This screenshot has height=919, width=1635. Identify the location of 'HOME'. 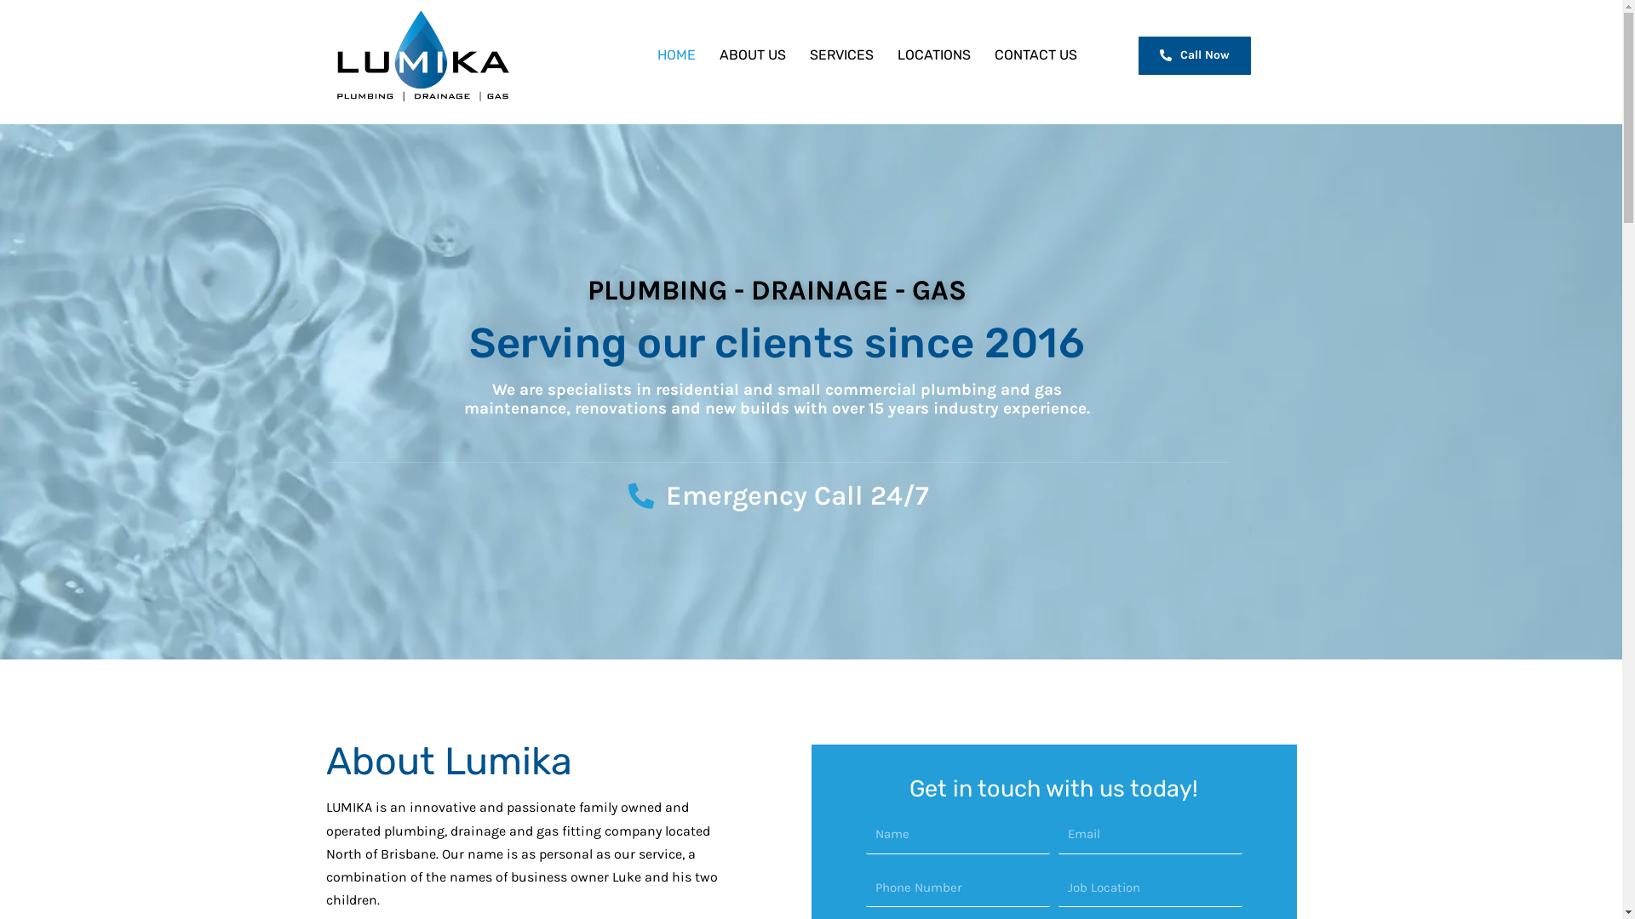
(675, 54).